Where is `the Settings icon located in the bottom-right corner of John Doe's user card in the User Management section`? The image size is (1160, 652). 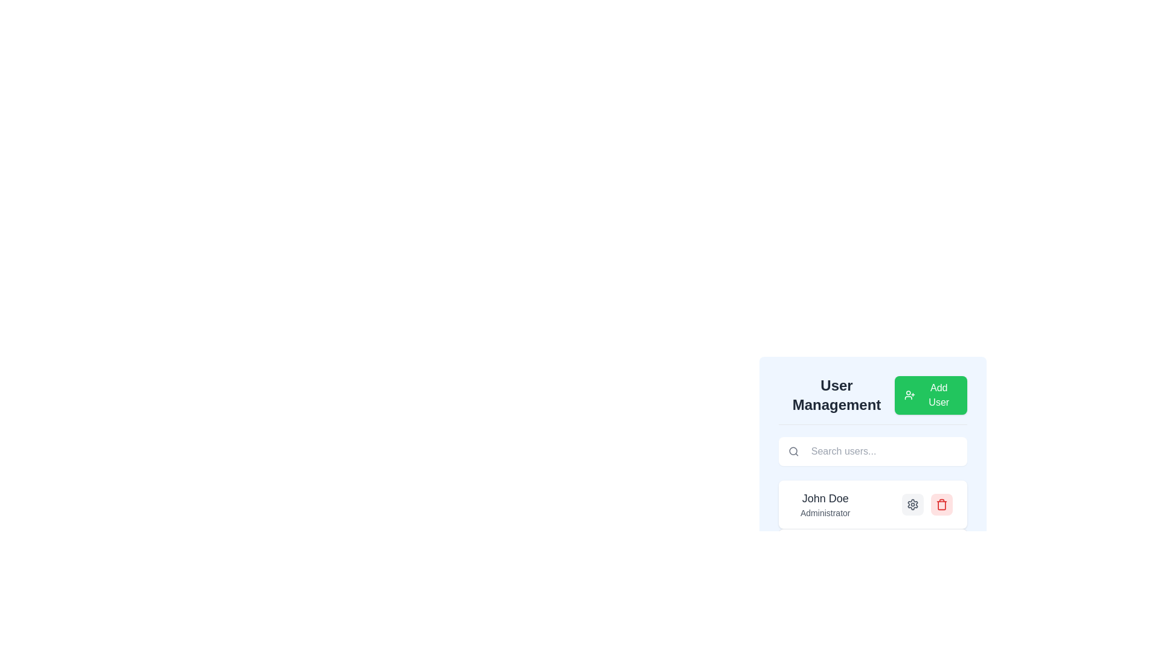 the Settings icon located in the bottom-right corner of John Doe's user card in the User Management section is located at coordinates (913, 505).